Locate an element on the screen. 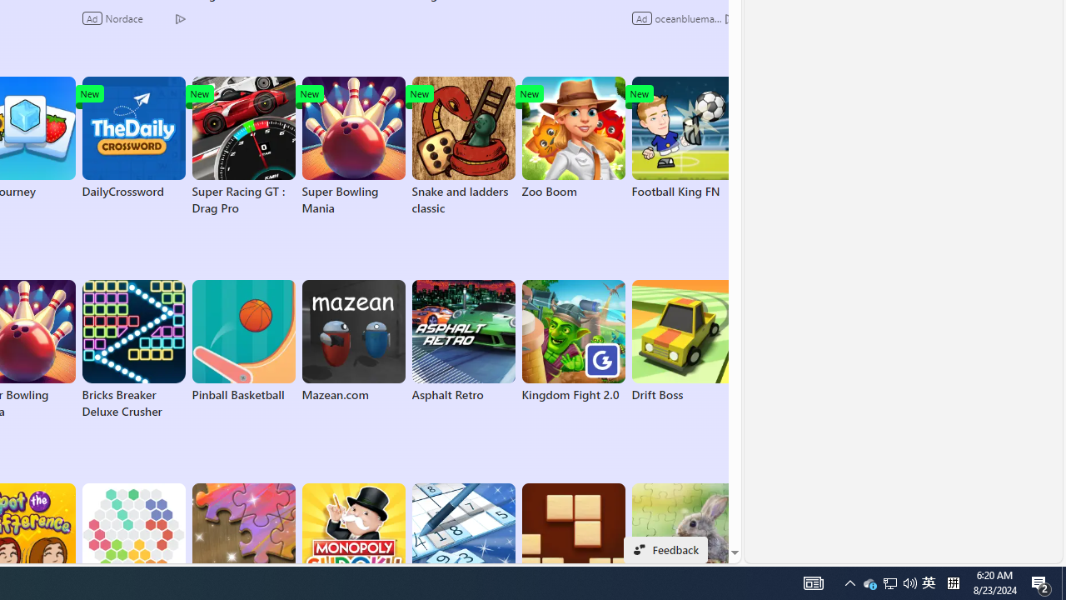 The image size is (1066, 600). 'Kingdom Fight 2.0' is located at coordinates (573, 341).